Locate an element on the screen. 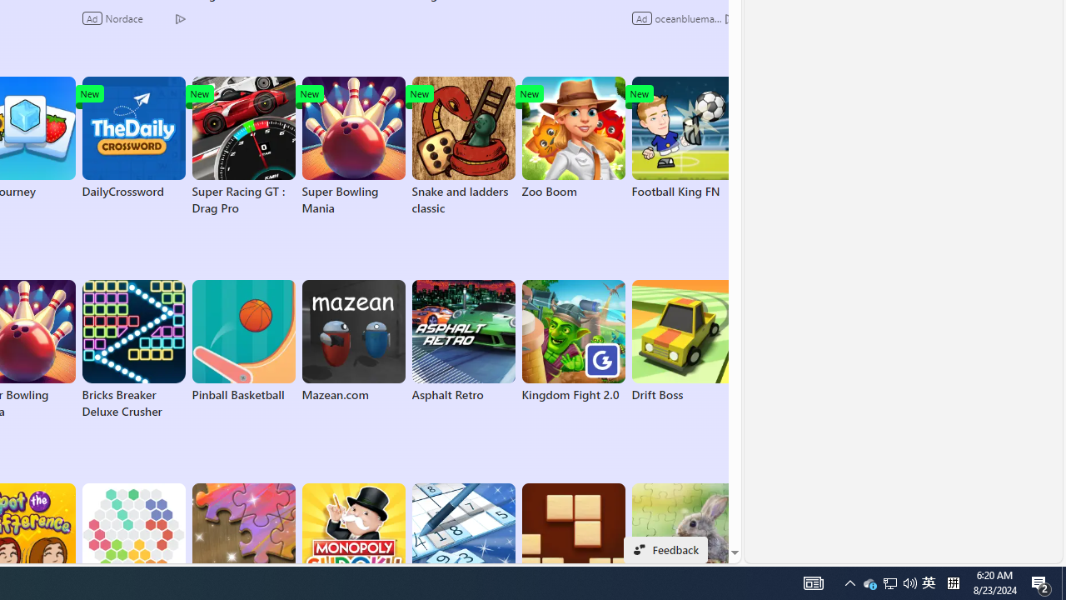 The image size is (1066, 600). 'Kingdom Fight 2.0' is located at coordinates (573, 341).